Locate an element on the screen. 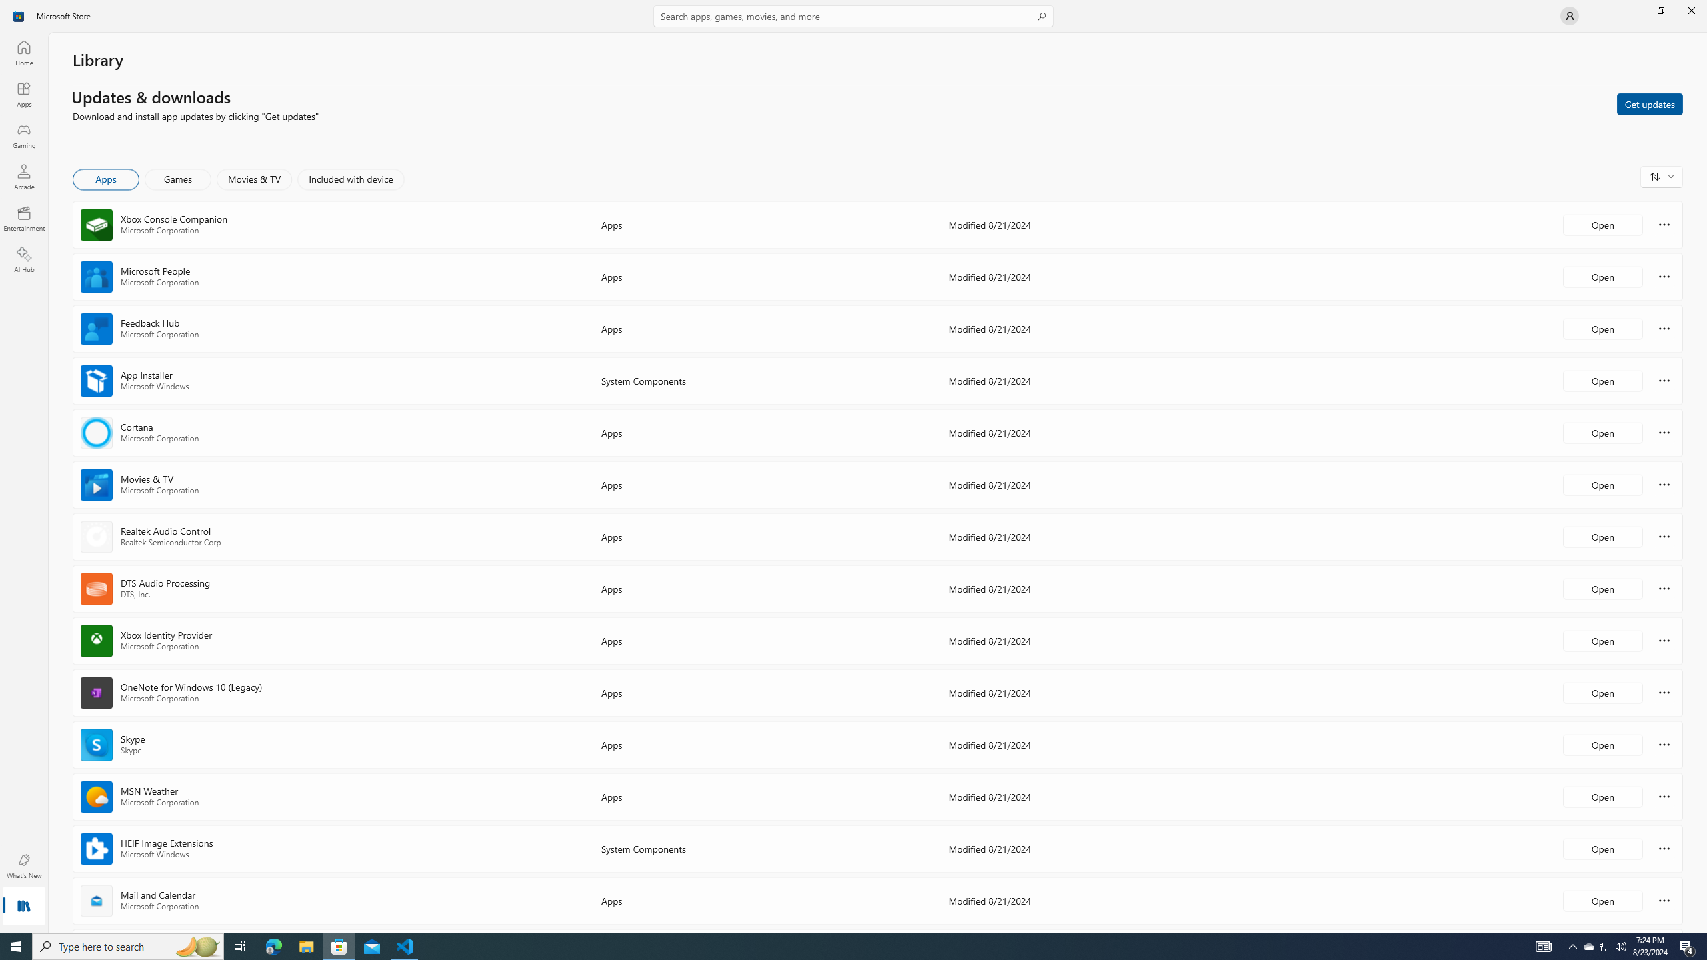 Image resolution: width=1707 pixels, height=960 pixels. 'Arcade' is located at coordinates (23, 176).